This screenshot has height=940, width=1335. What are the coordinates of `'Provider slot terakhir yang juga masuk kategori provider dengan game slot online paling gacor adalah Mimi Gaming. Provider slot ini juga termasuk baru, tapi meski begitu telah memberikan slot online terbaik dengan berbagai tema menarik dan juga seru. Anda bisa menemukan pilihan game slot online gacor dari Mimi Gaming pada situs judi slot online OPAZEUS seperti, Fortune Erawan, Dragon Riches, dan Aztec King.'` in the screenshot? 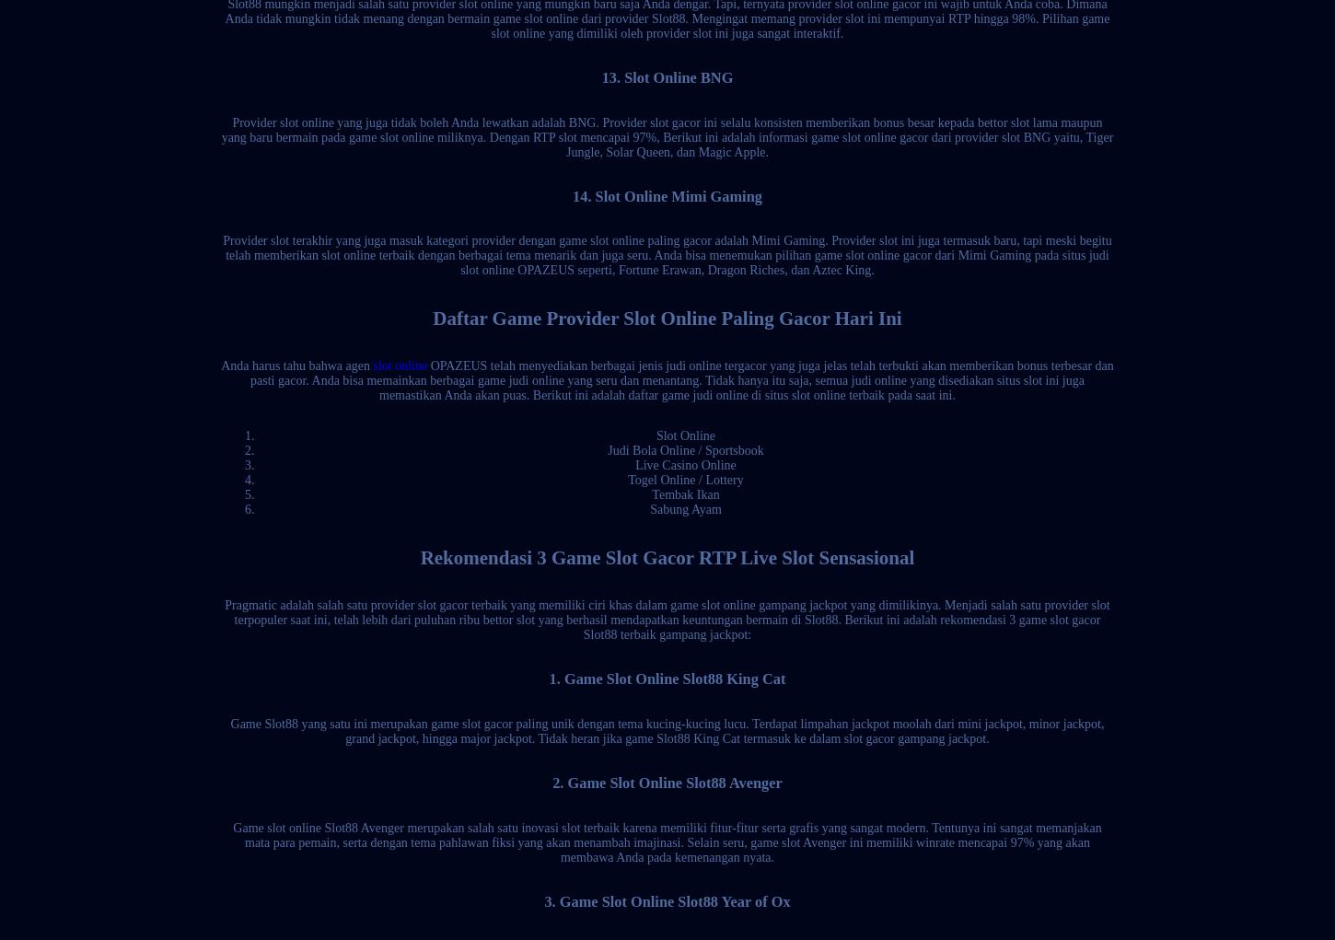 It's located at (666, 255).